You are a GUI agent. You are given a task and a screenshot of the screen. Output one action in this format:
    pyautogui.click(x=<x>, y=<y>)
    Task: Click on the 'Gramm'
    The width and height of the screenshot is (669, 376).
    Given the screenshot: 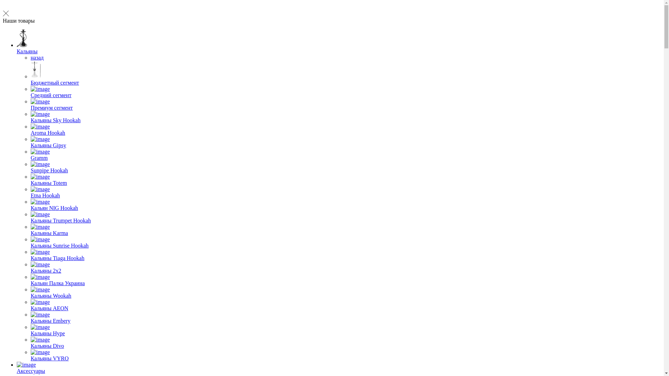 What is the action you would take?
    pyautogui.click(x=30, y=154)
    